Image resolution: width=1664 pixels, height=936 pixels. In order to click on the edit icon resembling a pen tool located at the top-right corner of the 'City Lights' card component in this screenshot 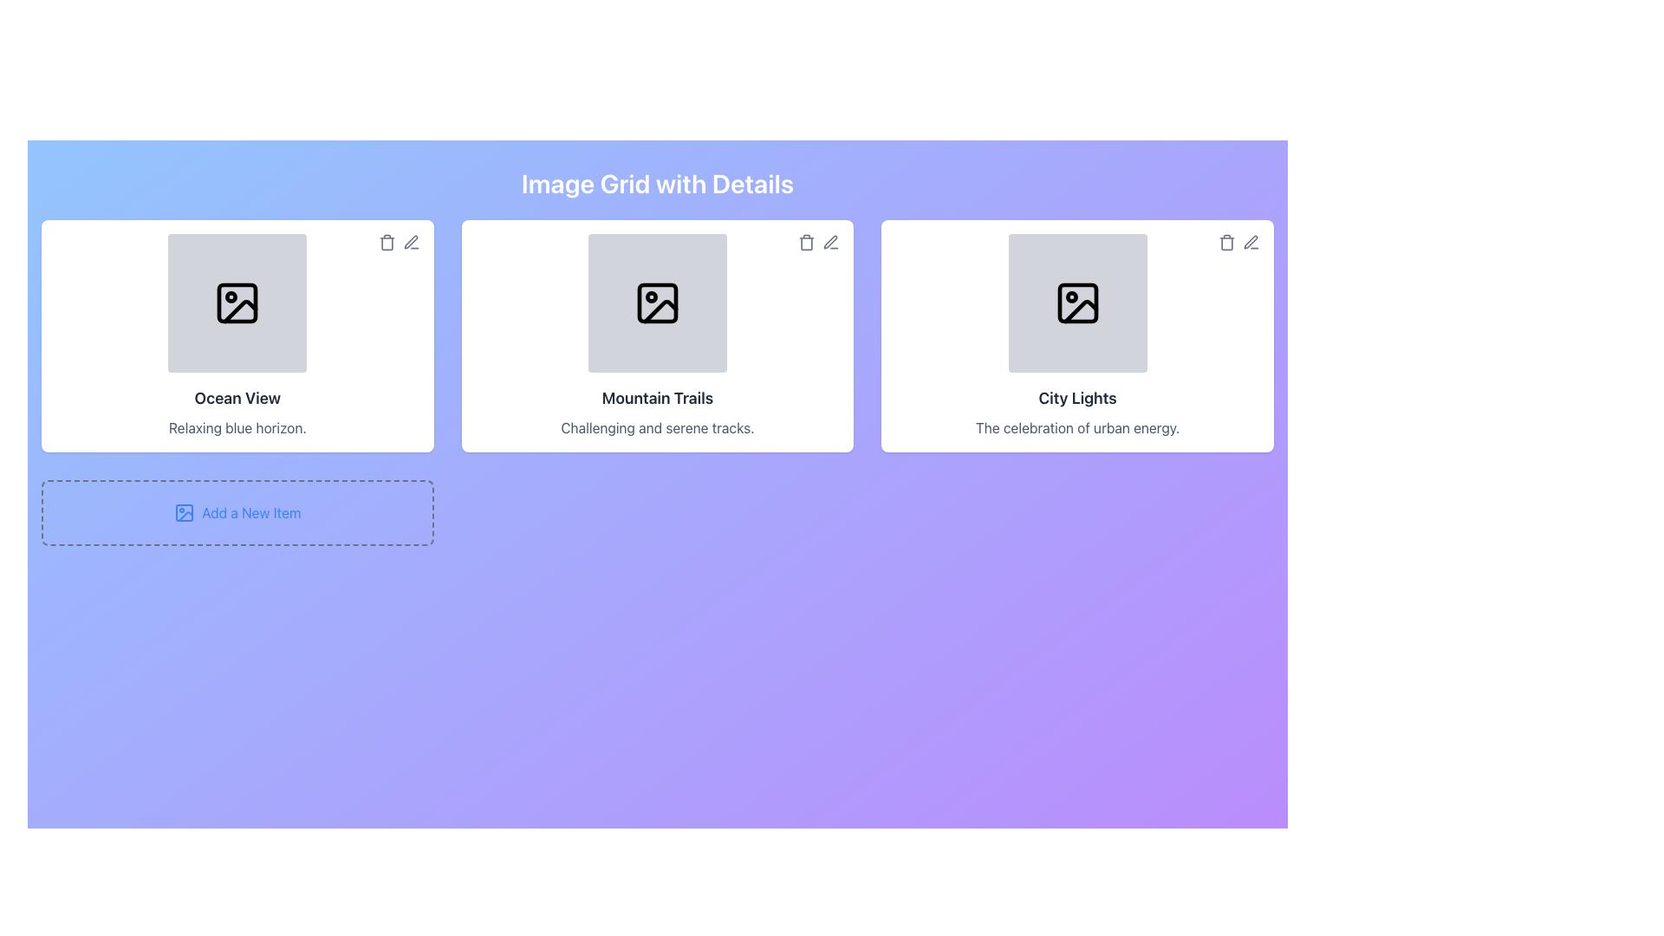, I will do `click(1251, 243)`.